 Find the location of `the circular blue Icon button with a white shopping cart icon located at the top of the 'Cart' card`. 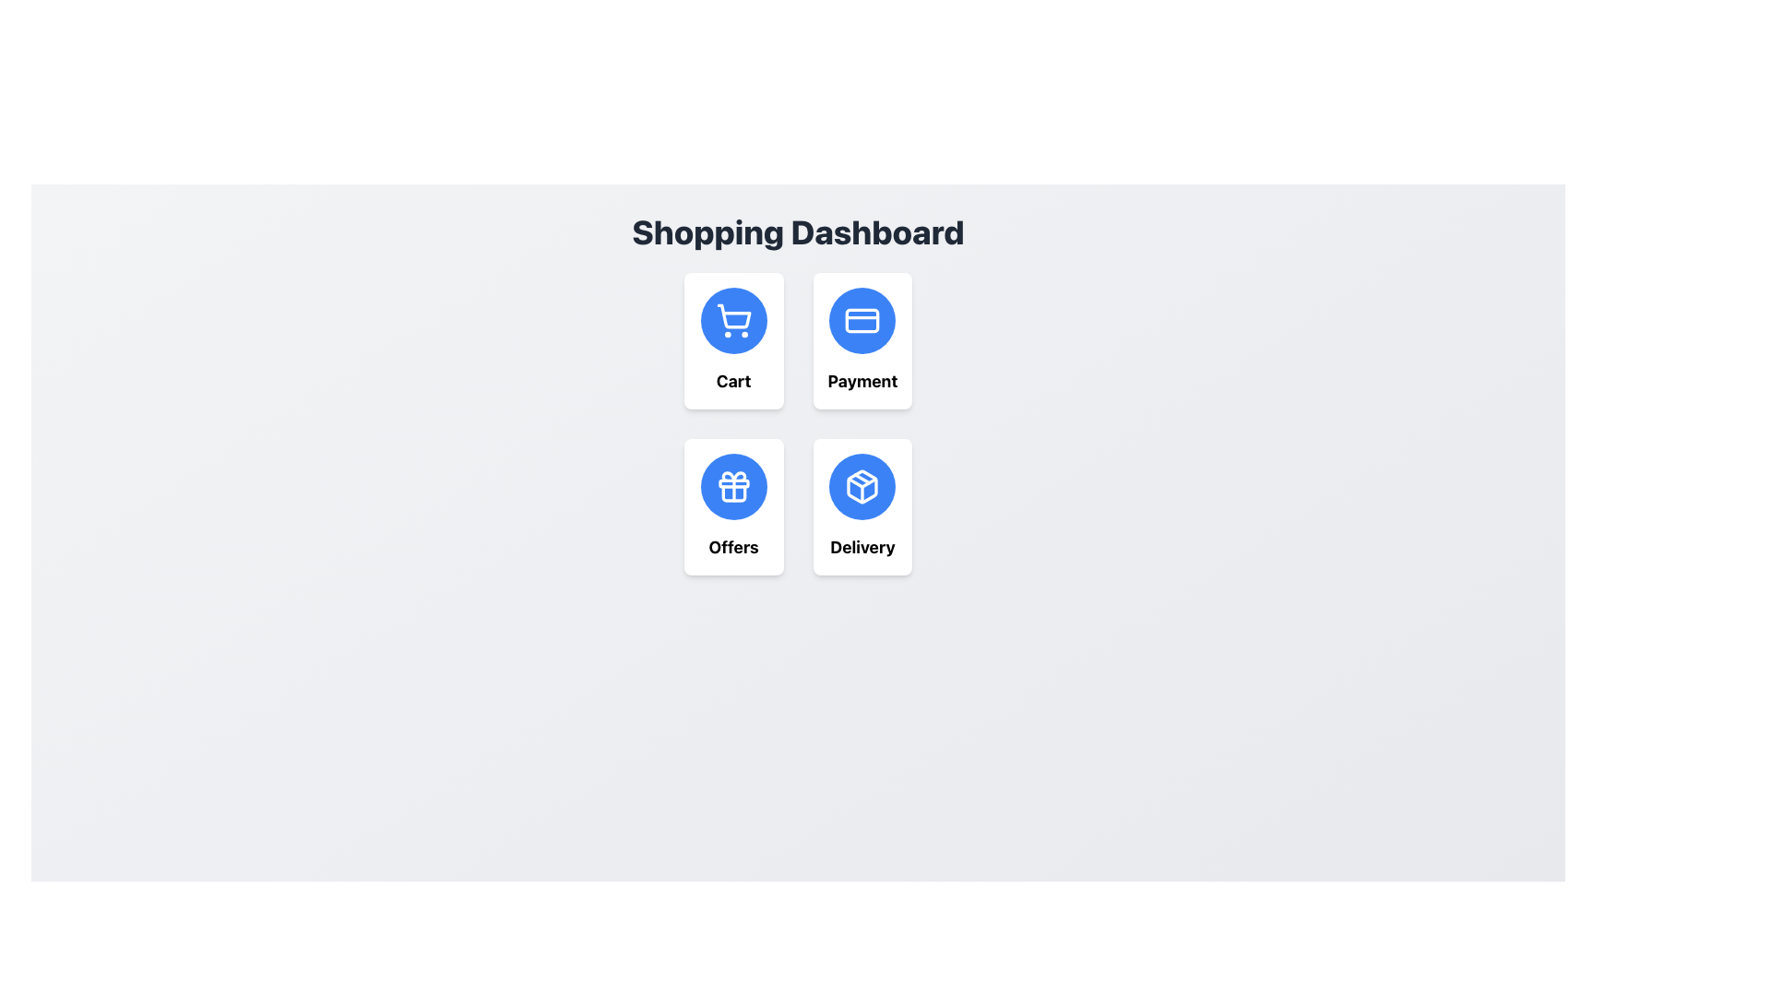

the circular blue Icon button with a white shopping cart icon located at the top of the 'Cart' card is located at coordinates (732, 319).